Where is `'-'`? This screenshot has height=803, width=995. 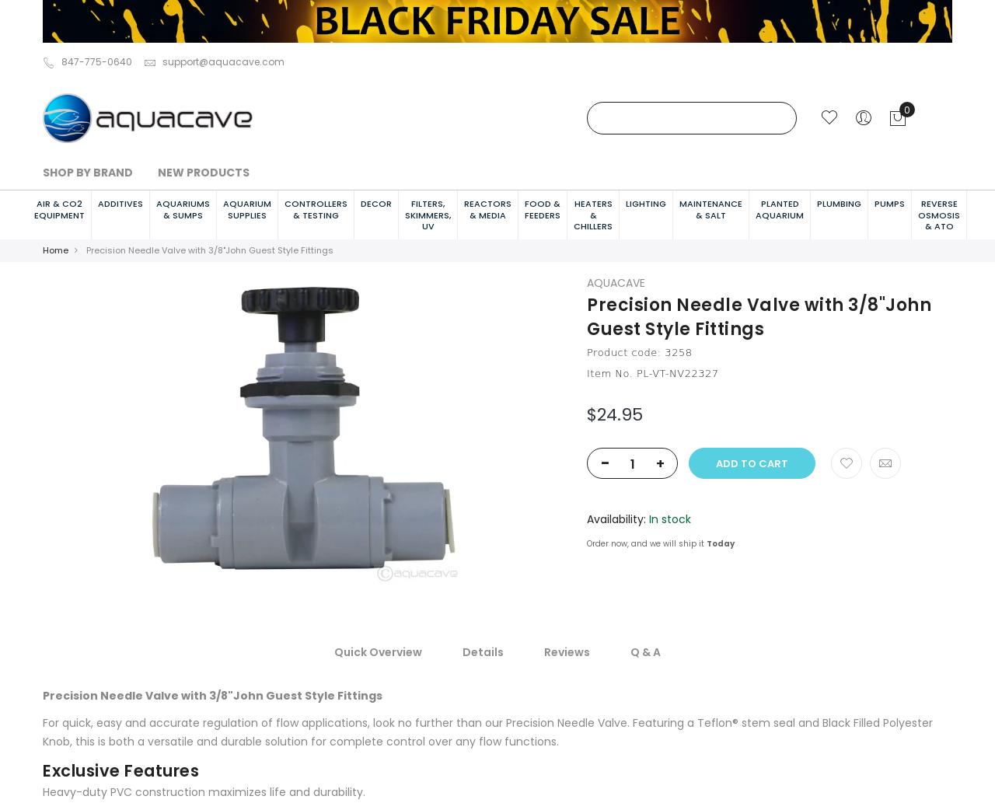
'-' is located at coordinates (599, 463).